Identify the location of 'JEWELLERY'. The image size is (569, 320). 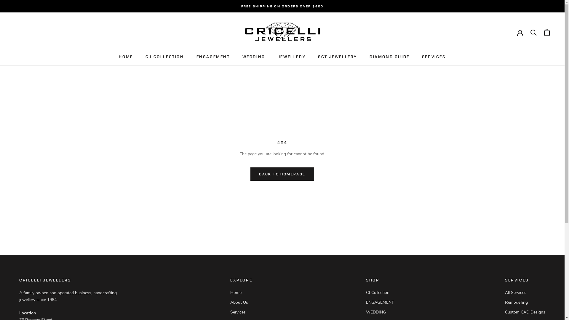
(291, 57).